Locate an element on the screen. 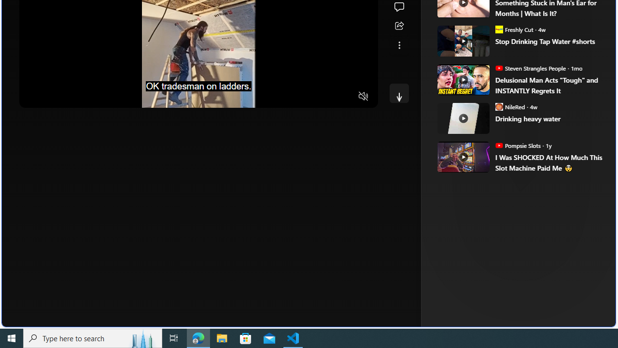 This screenshot has height=348, width=618. 'Captions' is located at coordinates (326, 97).